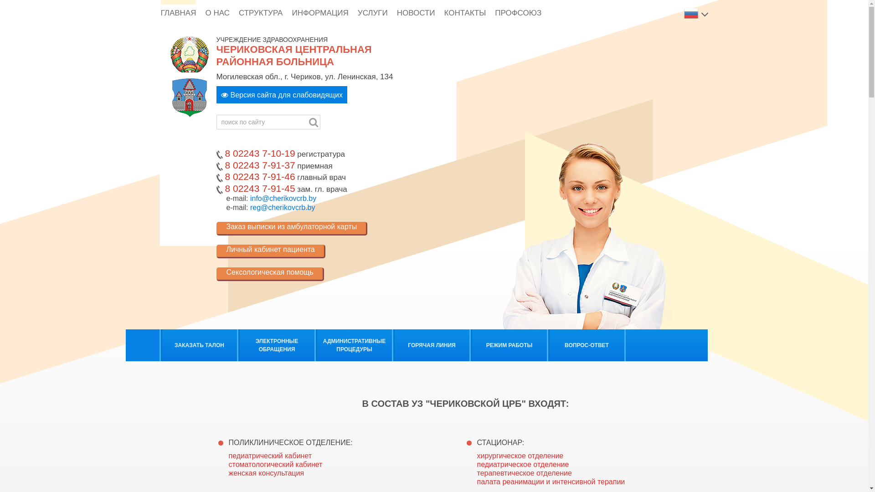 The height and width of the screenshot is (492, 875). What do you see at coordinates (283, 198) in the screenshot?
I see `'info@cherikovcrb.by'` at bounding box center [283, 198].